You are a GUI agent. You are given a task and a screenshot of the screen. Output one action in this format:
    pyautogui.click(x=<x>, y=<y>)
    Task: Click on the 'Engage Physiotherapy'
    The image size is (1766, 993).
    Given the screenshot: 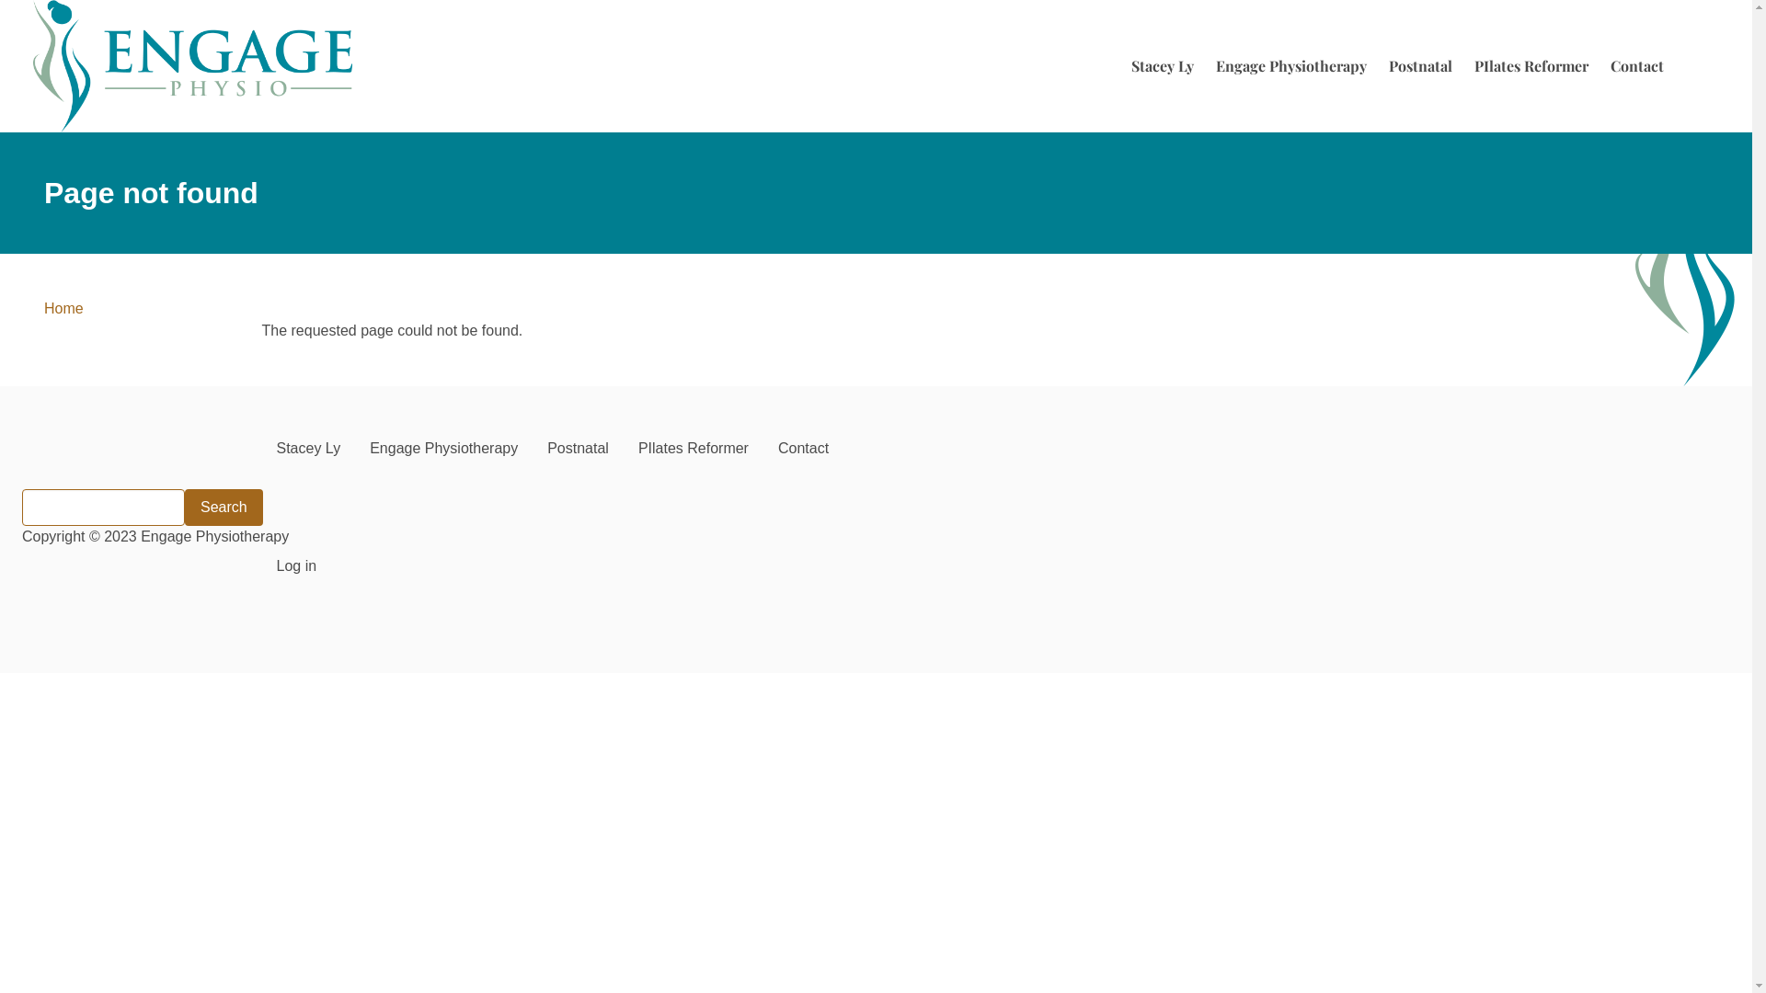 What is the action you would take?
    pyautogui.click(x=1290, y=65)
    